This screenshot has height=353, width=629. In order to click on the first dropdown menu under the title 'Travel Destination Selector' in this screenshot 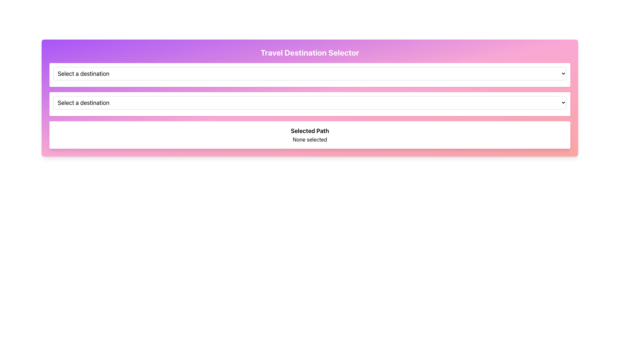, I will do `click(309, 73)`.